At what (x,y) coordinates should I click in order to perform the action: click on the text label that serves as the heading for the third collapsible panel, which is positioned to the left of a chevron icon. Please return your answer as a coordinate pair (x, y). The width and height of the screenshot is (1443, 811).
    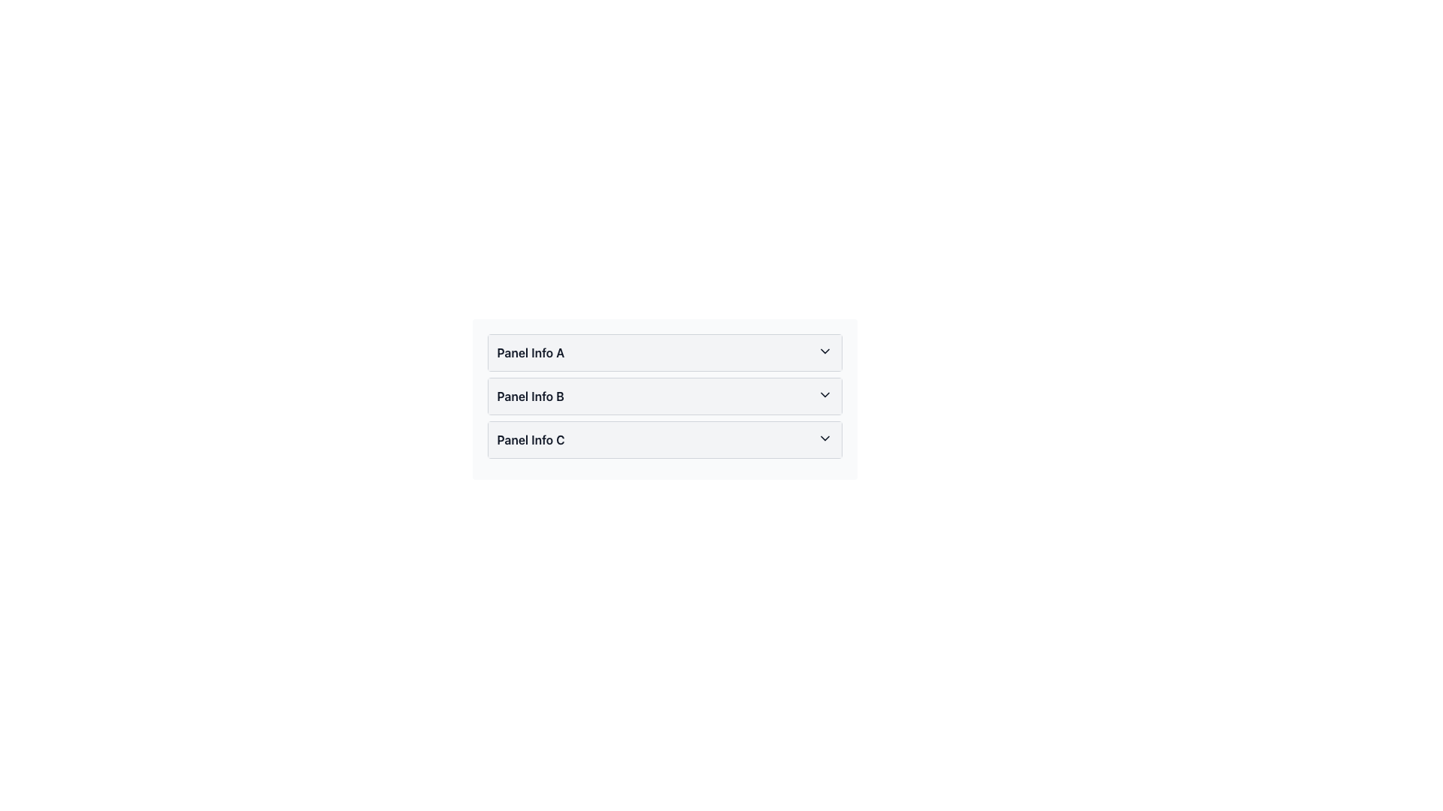
    Looking at the image, I should click on (531, 439).